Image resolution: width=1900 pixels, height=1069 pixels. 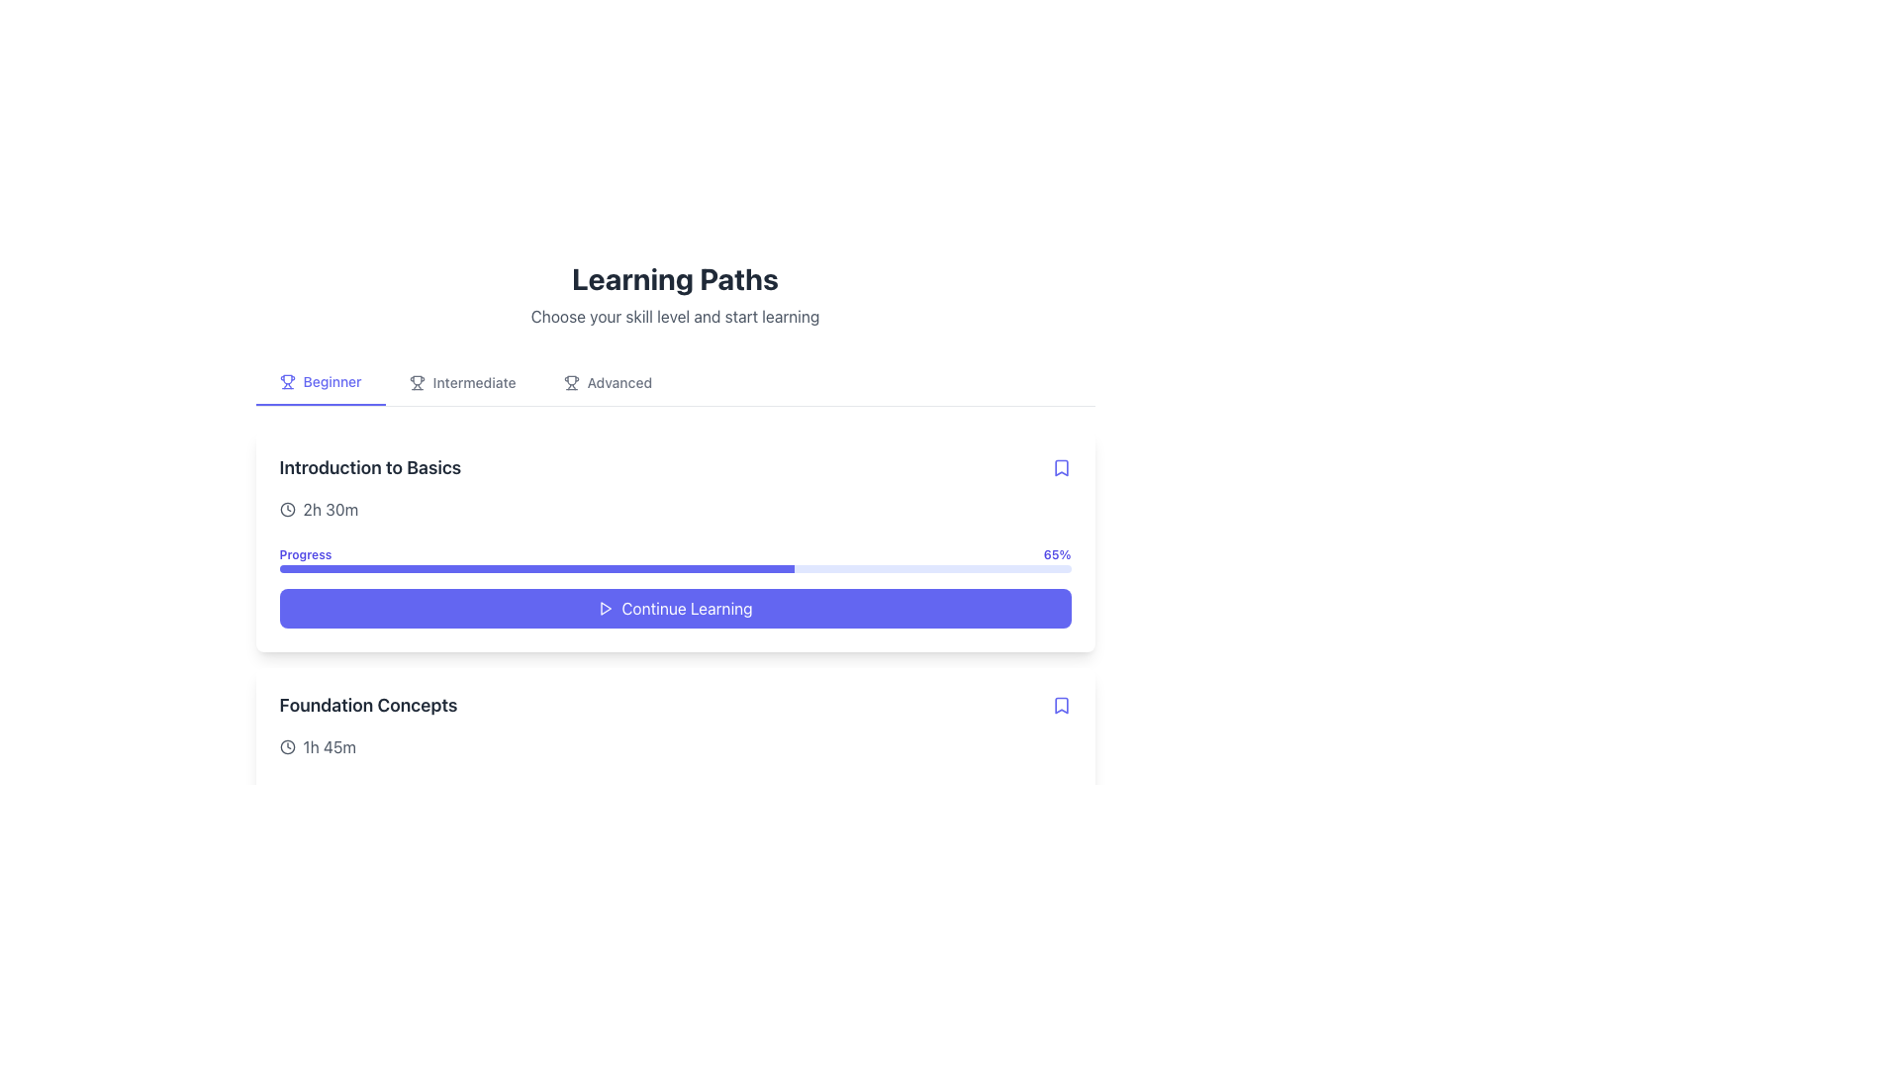 What do you see at coordinates (675, 563) in the screenshot?
I see `the progress indicator displaying 'Progress' and '65%' within the 'Introduction to Basics' card, which features a blue bar indicating the progress covered` at bounding box center [675, 563].